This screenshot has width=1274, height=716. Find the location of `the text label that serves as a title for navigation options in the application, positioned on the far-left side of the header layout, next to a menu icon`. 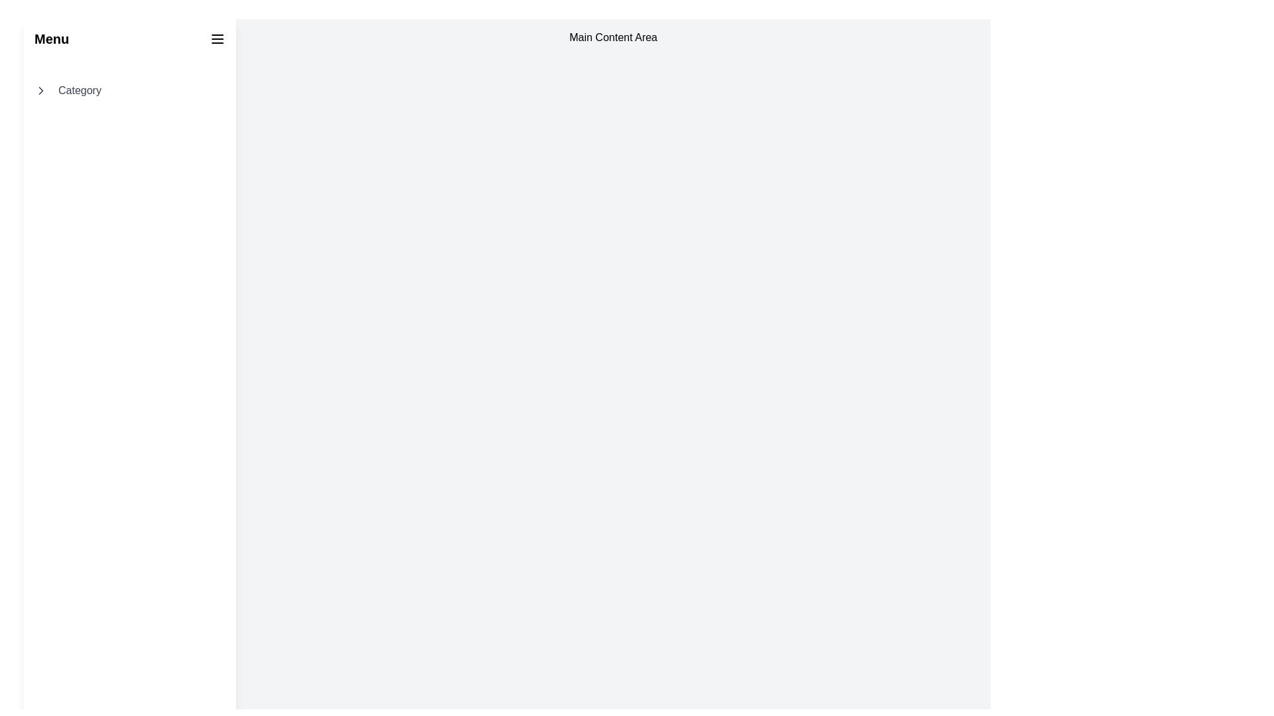

the text label that serves as a title for navigation options in the application, positioned on the far-left side of the header layout, next to a menu icon is located at coordinates (52, 38).